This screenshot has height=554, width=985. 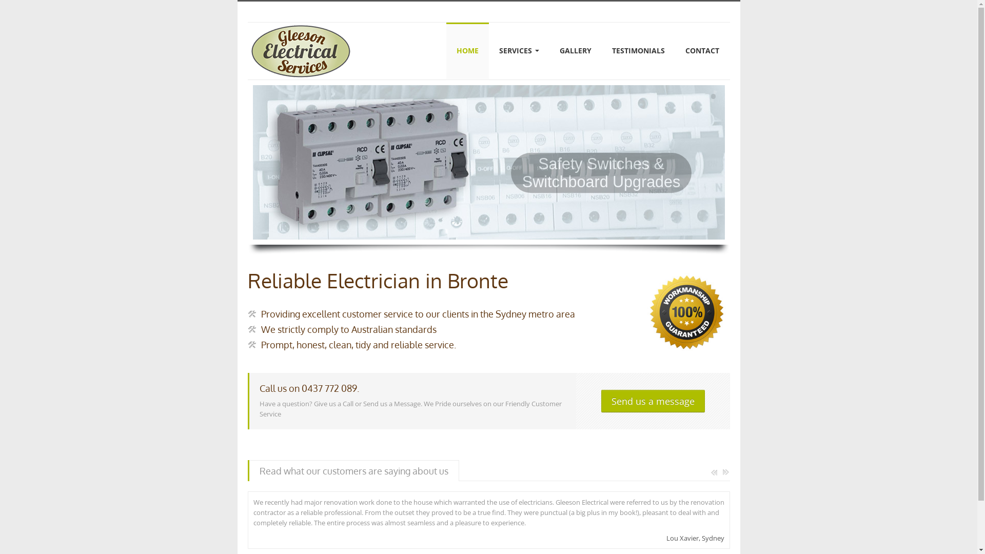 What do you see at coordinates (576, 51) in the screenshot?
I see `'GALLERY'` at bounding box center [576, 51].